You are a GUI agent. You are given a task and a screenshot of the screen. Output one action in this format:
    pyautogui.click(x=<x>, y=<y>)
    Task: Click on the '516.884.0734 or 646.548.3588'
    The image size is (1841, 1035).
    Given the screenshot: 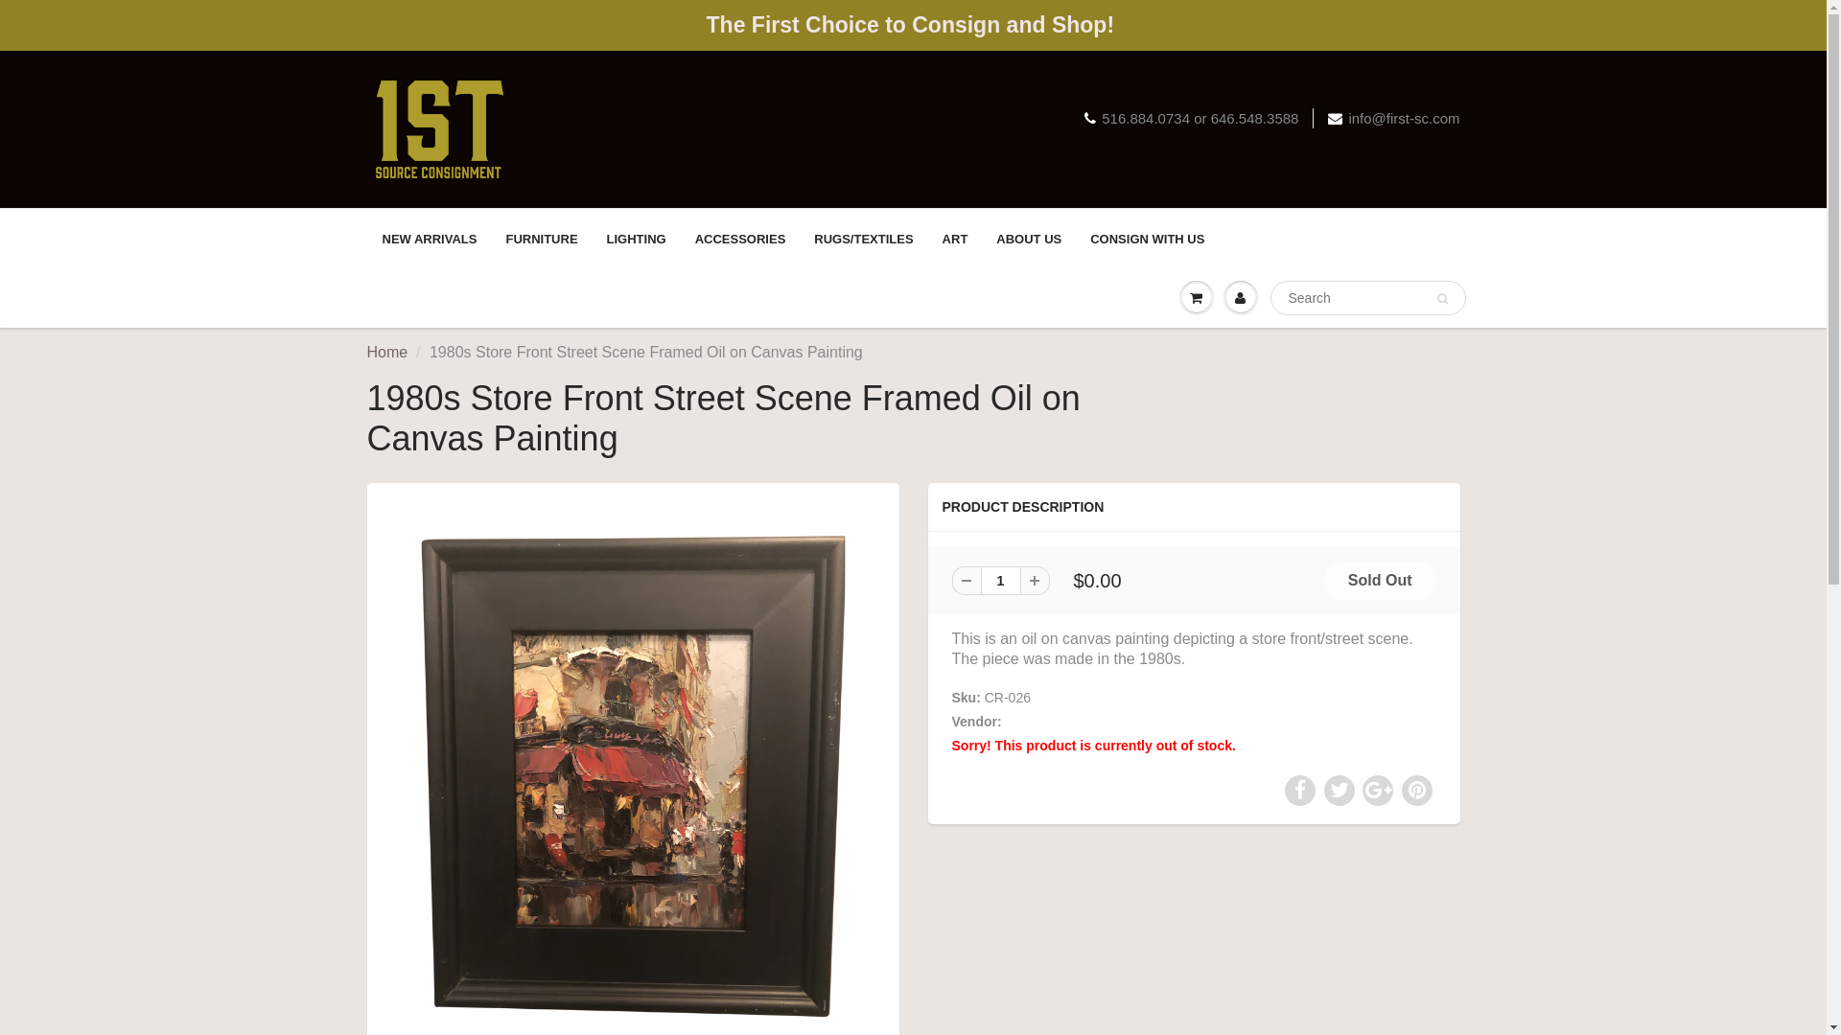 What is the action you would take?
    pyautogui.click(x=1190, y=118)
    